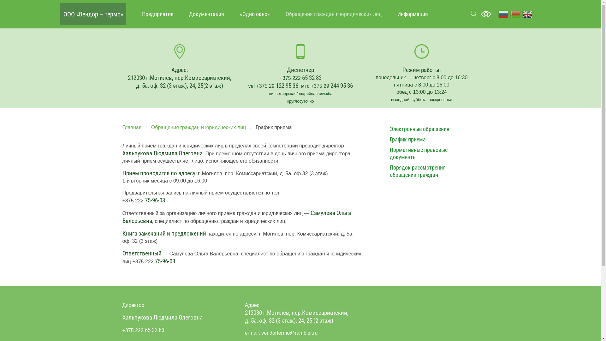 The image size is (606, 341). Describe the element at coordinates (527, 14) in the screenshot. I see `'English'` at that location.